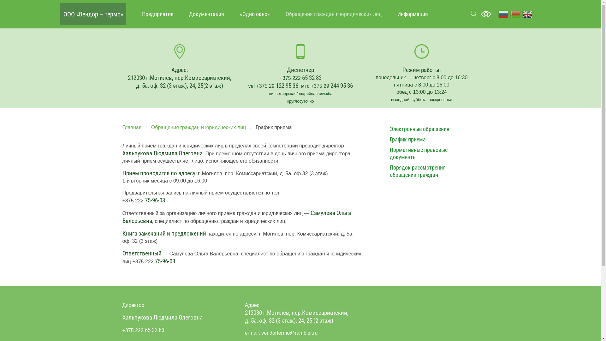 The image size is (606, 341). Describe the element at coordinates (527, 14) in the screenshot. I see `'English'` at that location.